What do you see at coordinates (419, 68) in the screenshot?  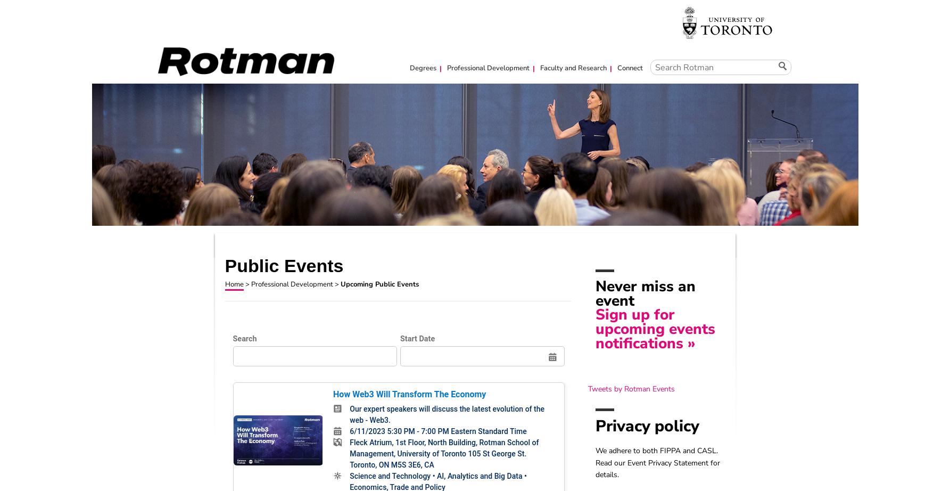 I see `'Degrees'` at bounding box center [419, 68].